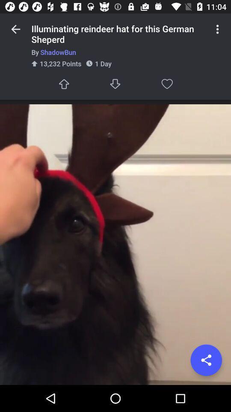 This screenshot has width=231, height=412. What do you see at coordinates (206, 360) in the screenshot?
I see `share the article` at bounding box center [206, 360].